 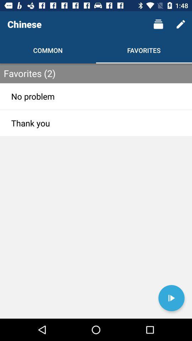 What do you see at coordinates (158, 24) in the screenshot?
I see `the icon above favorites icon` at bounding box center [158, 24].